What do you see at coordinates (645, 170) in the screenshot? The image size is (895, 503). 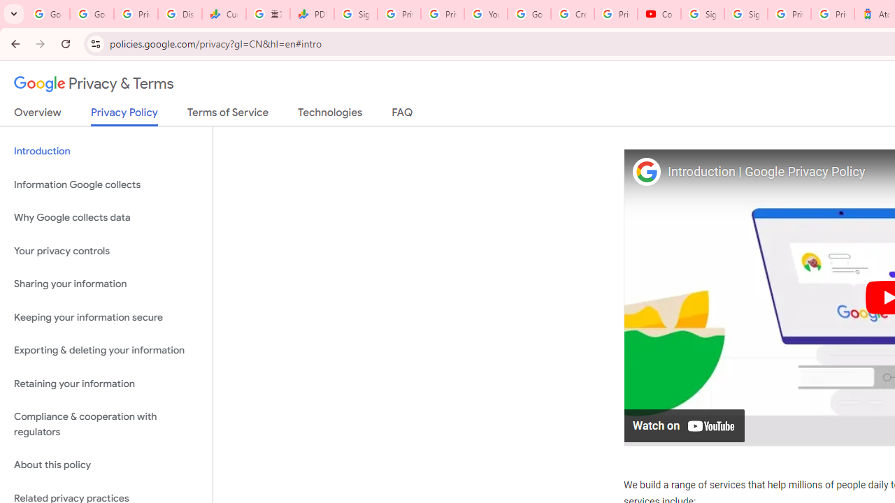 I see `'Photo image of Google'` at bounding box center [645, 170].